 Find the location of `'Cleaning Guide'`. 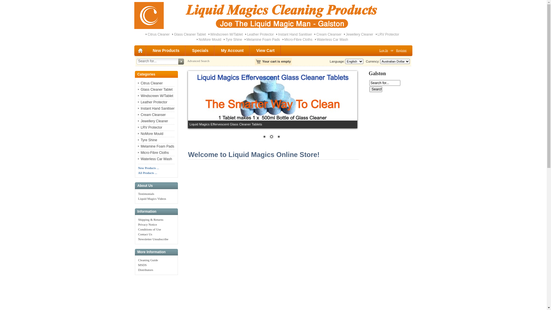

'Cleaning Guide' is located at coordinates (148, 260).